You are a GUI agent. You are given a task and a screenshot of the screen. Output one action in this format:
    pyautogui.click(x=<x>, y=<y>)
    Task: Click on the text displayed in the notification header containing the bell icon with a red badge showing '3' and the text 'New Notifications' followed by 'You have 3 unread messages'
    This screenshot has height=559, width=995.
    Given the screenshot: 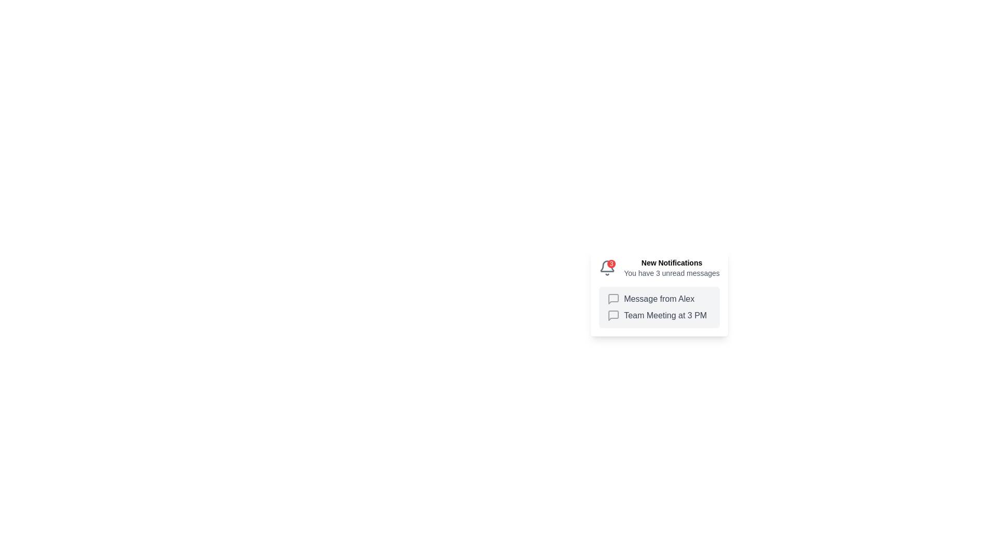 What is the action you would take?
    pyautogui.click(x=659, y=267)
    